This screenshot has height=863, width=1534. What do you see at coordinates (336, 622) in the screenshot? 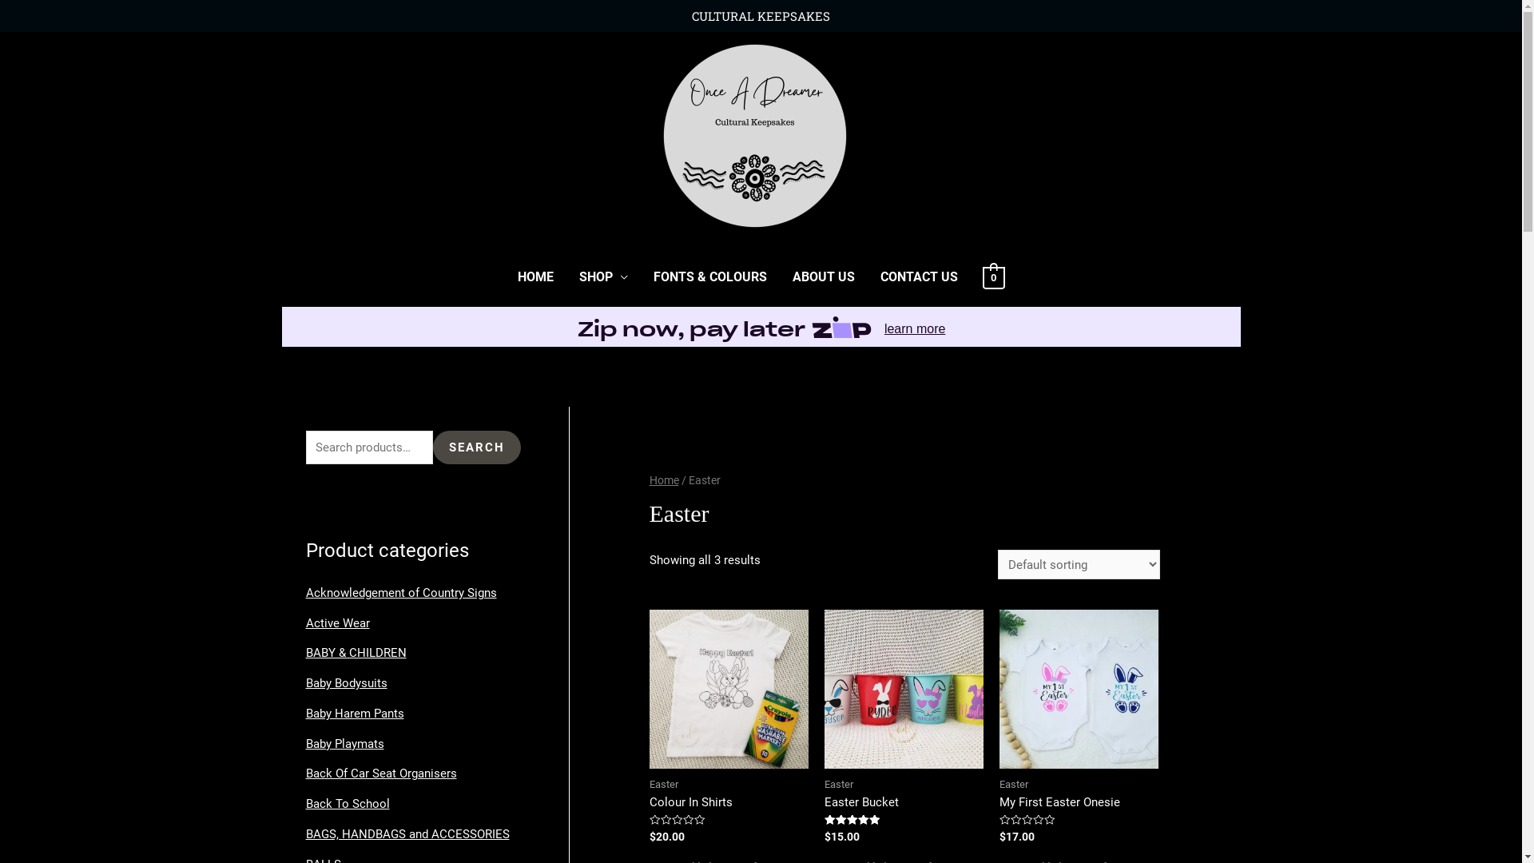
I see `'Active Wear'` at bounding box center [336, 622].